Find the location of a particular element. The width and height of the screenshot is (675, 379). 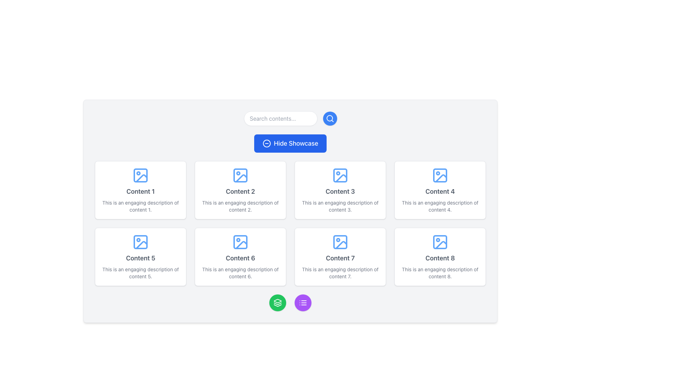

the text label element that reads 'This is an engaging description of content 1.' located under the title 'Content 1' in its card is located at coordinates (140, 206).